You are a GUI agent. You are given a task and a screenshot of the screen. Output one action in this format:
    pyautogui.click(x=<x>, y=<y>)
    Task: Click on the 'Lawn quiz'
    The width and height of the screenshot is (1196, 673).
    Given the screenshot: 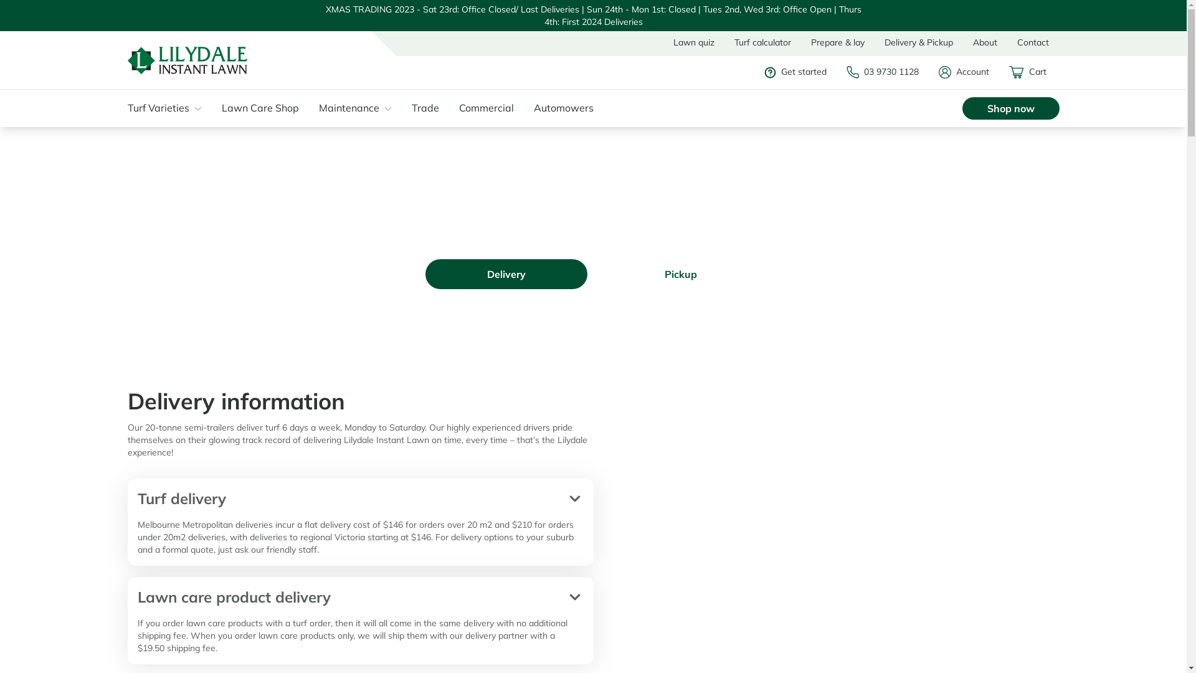 What is the action you would take?
    pyautogui.click(x=693, y=42)
    